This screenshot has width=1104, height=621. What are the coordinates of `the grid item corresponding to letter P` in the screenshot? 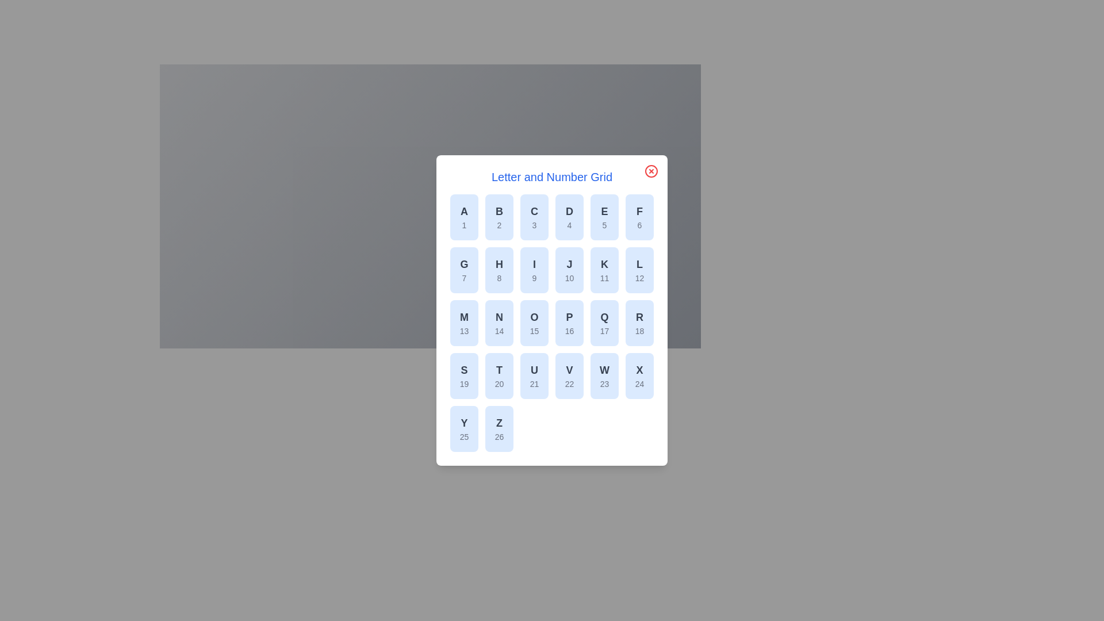 It's located at (569, 323).